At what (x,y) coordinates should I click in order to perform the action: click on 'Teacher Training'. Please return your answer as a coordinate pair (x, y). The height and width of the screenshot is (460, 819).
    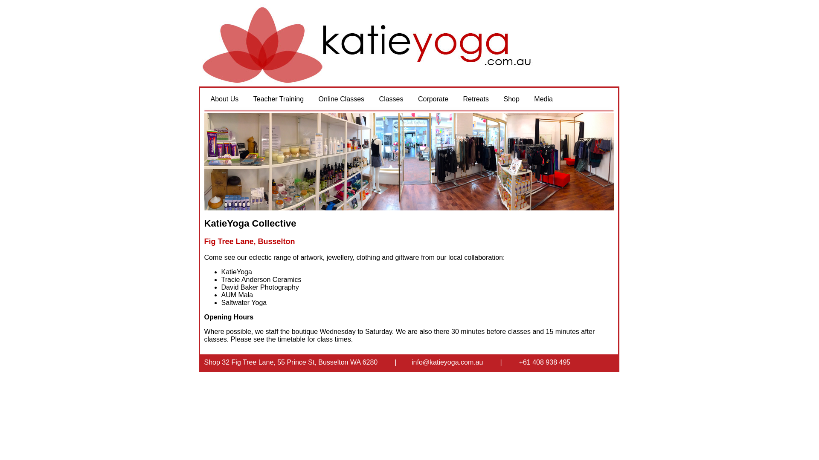
    Looking at the image, I should click on (278, 98).